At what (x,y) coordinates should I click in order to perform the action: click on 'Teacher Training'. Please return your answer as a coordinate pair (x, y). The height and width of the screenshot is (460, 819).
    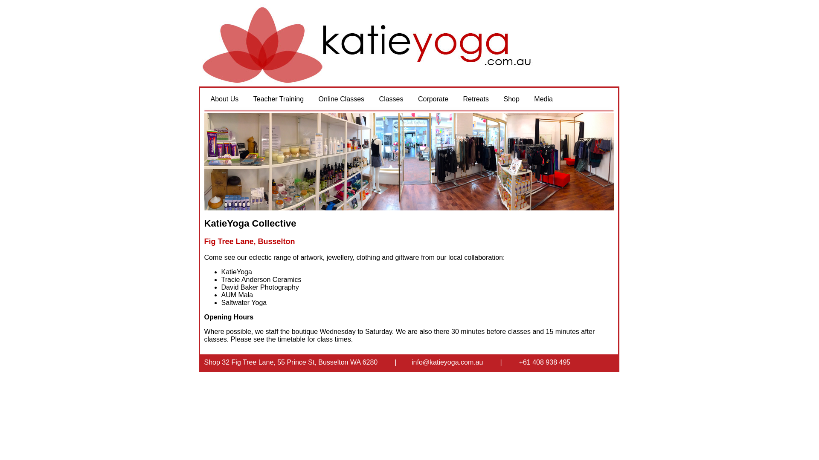
    Looking at the image, I should click on (278, 98).